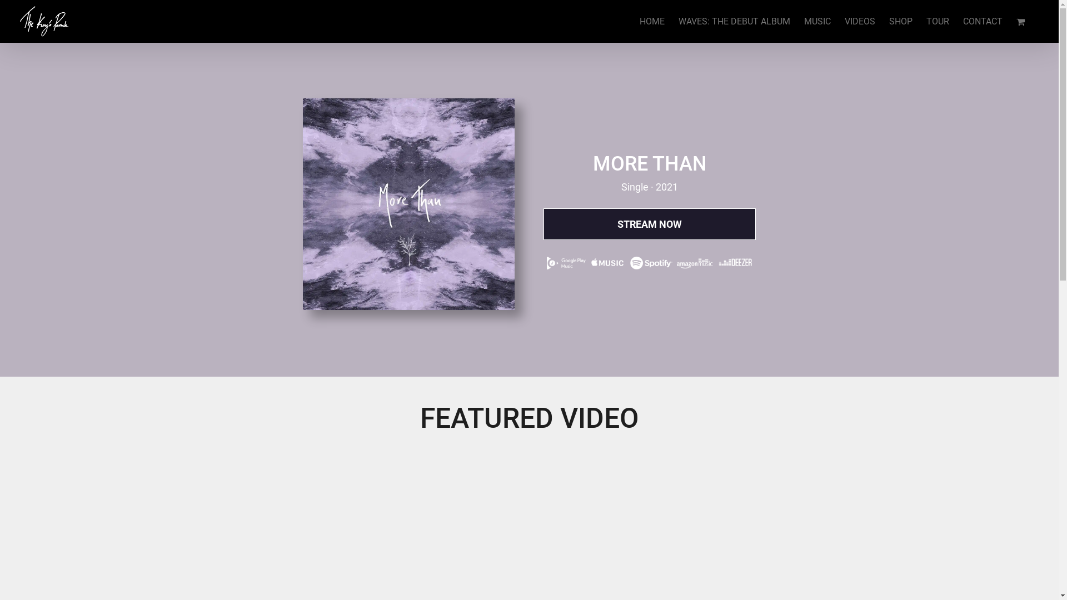 This screenshot has height=600, width=1067. Describe the element at coordinates (817, 21) in the screenshot. I see `'MUSIC'` at that location.